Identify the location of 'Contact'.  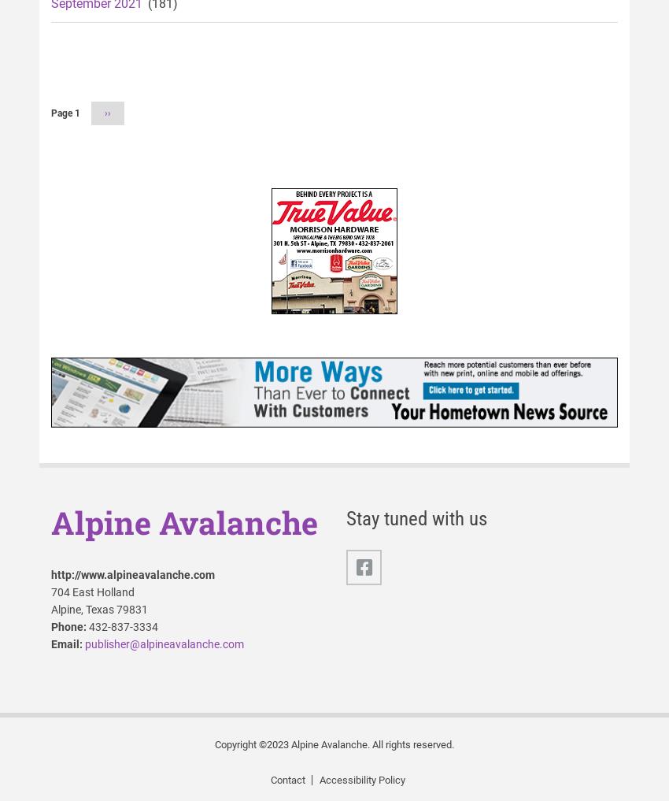
(286, 780).